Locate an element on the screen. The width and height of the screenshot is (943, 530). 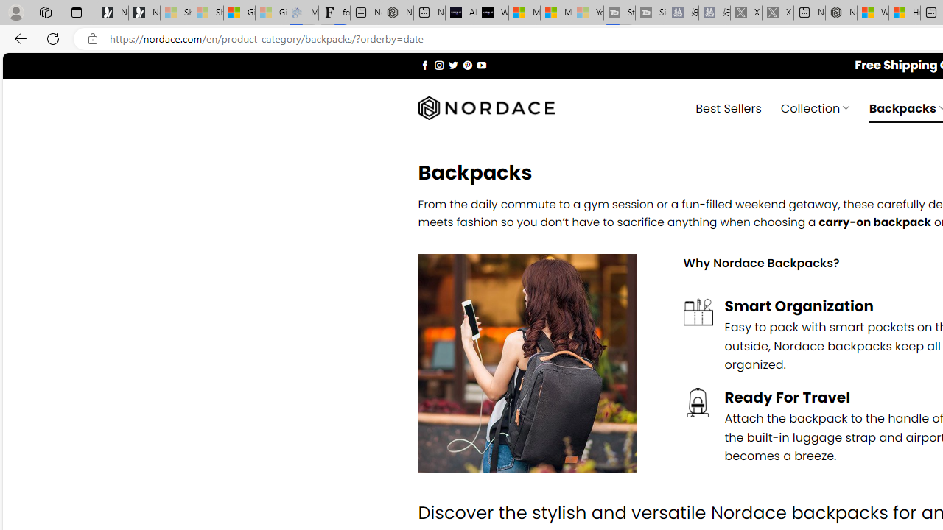
'Follow on Pinterest' is located at coordinates (466, 64).